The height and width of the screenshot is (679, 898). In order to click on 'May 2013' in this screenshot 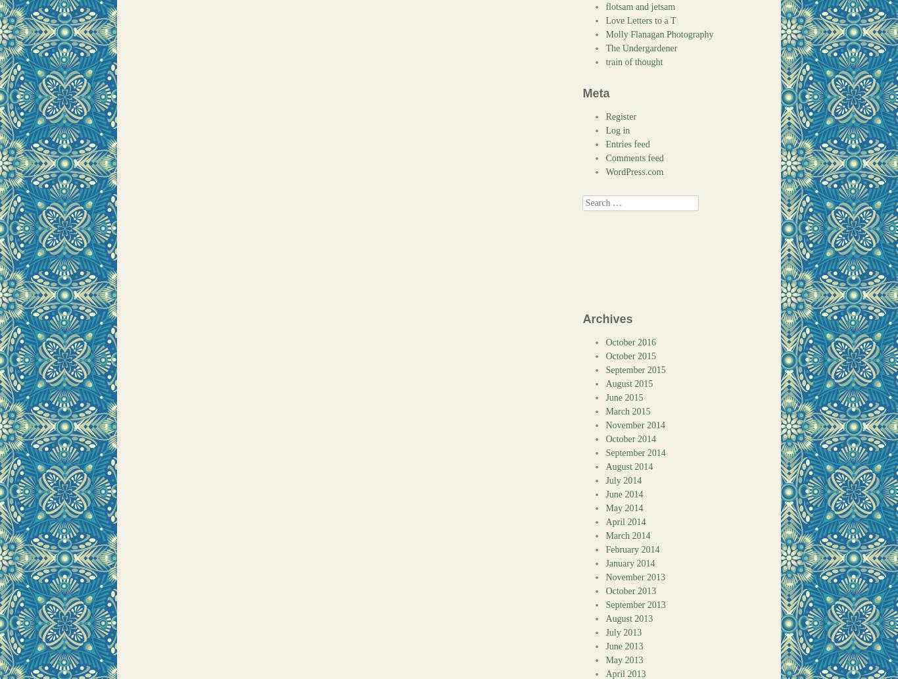, I will do `click(624, 659)`.